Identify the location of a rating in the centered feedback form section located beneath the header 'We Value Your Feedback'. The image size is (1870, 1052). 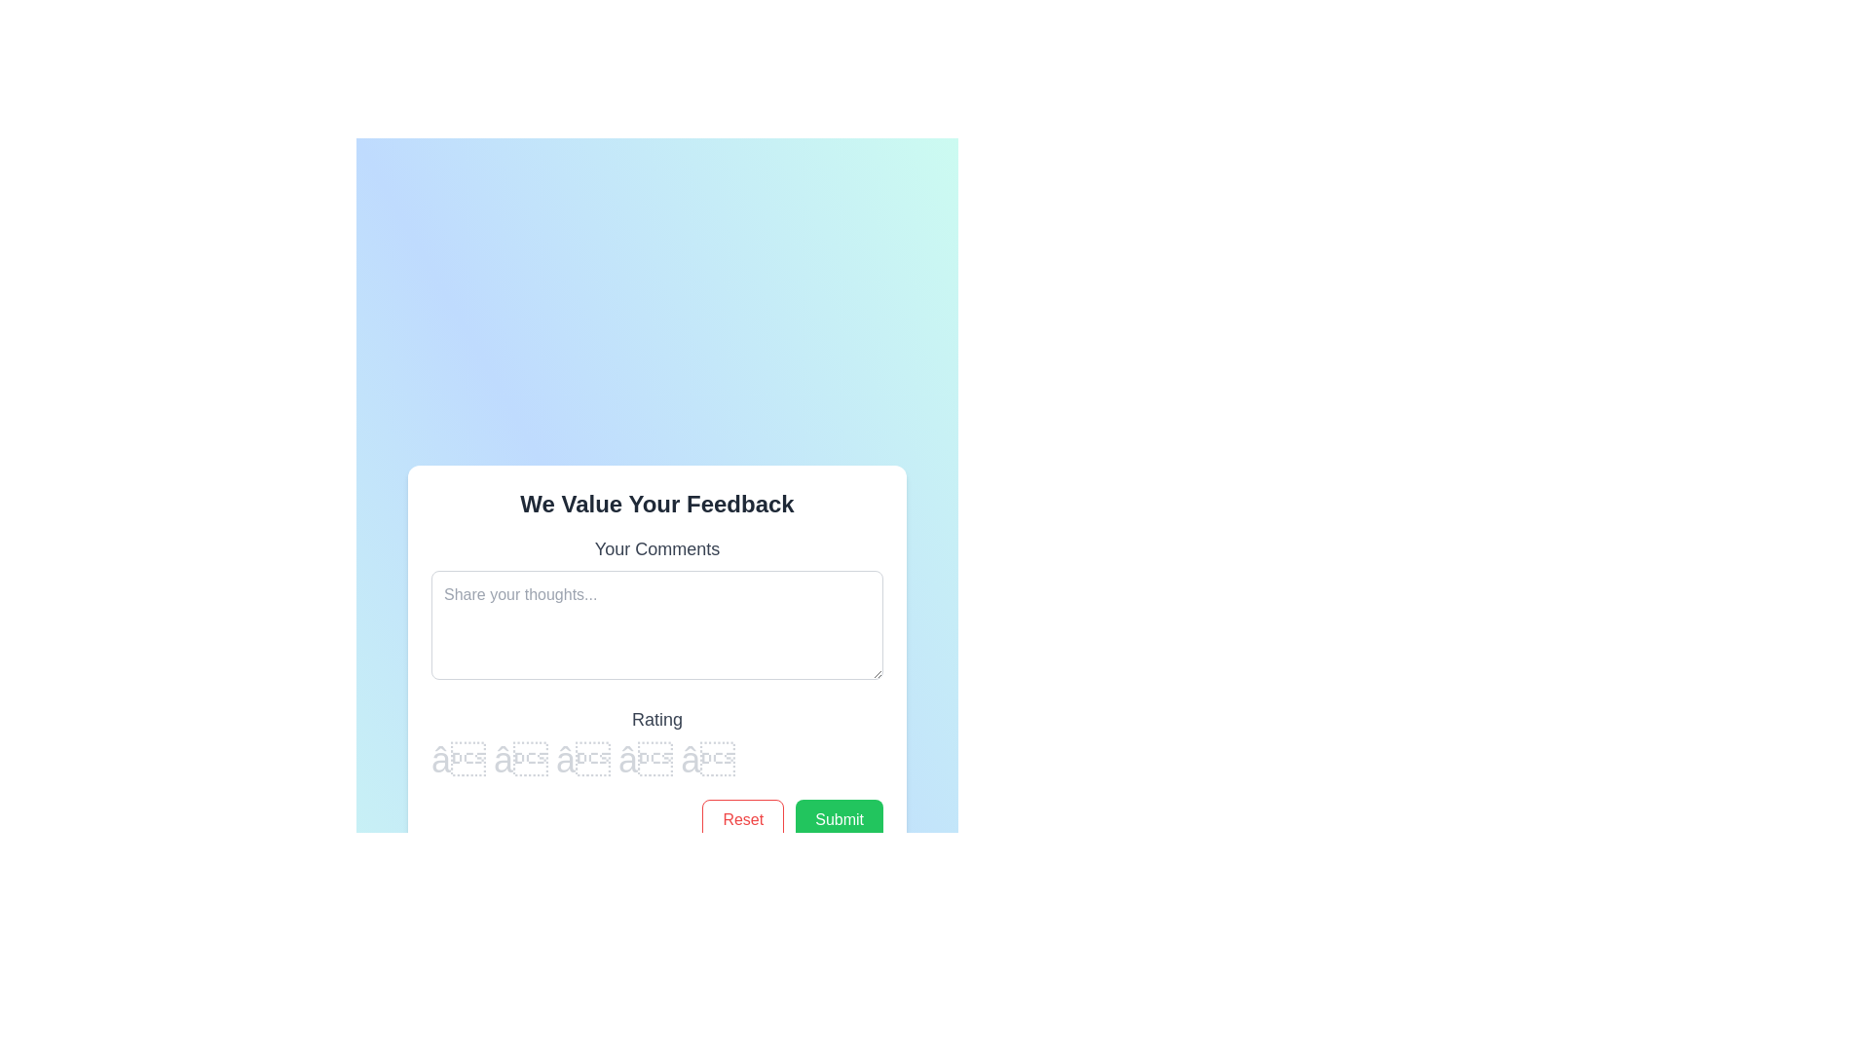
(657, 686).